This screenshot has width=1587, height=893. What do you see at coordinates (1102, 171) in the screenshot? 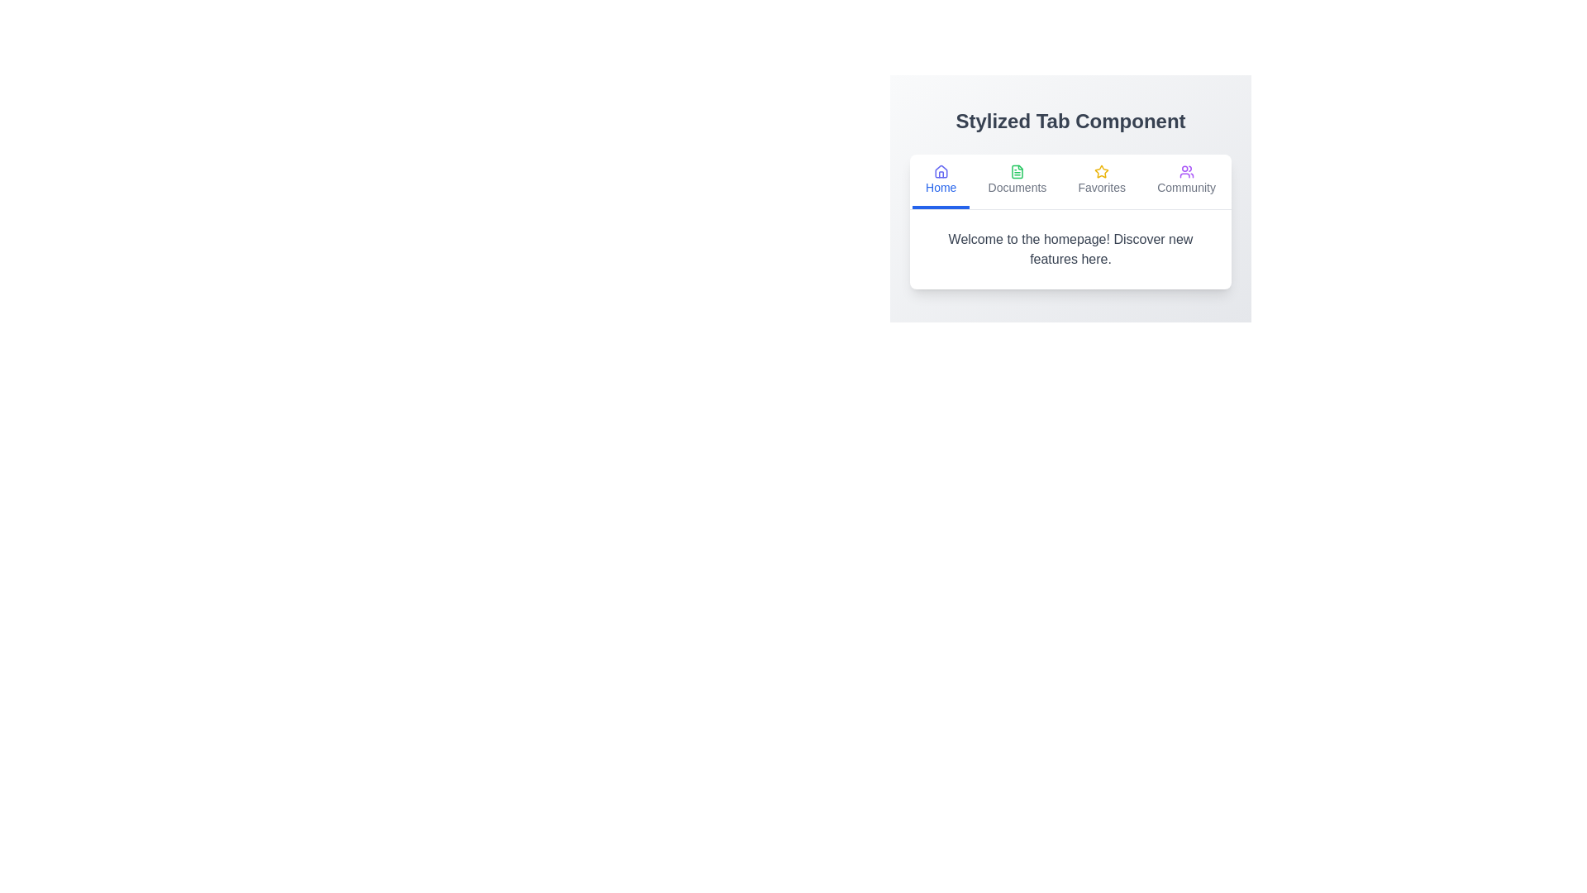
I see `the yellow star-shaped icon located in the 'Favorites' tab` at bounding box center [1102, 171].